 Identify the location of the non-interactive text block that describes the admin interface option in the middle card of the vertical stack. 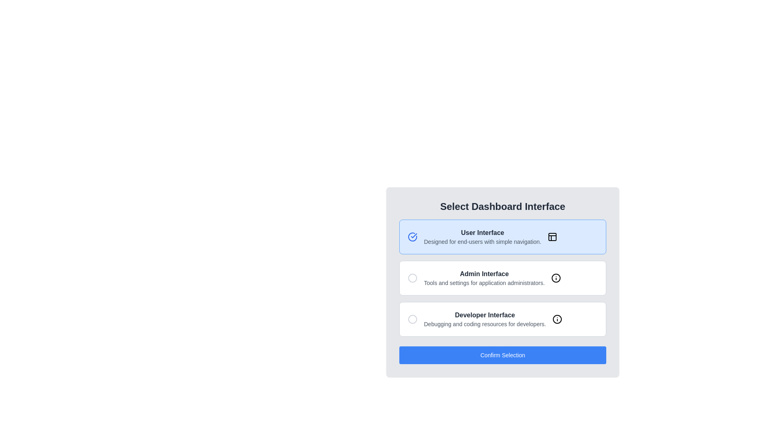
(484, 278).